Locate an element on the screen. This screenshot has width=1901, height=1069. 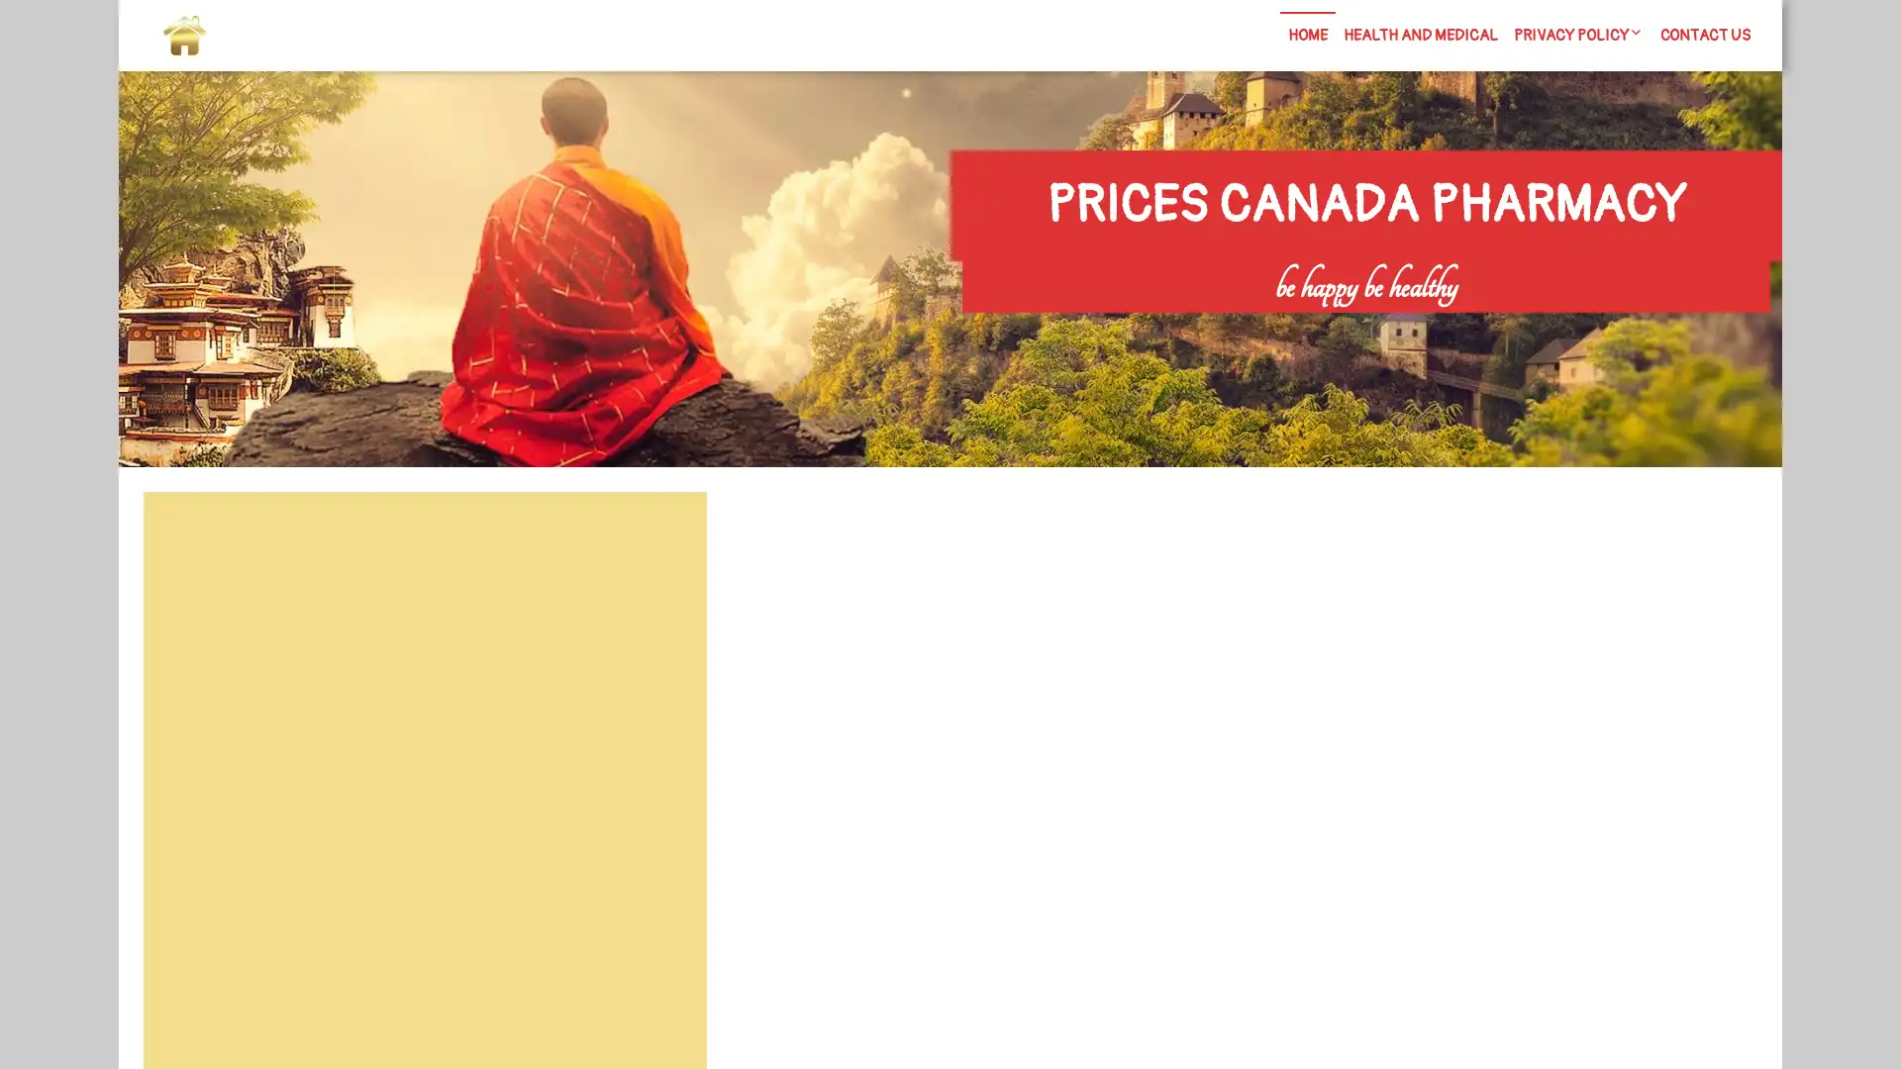
Search is located at coordinates (1542, 324).